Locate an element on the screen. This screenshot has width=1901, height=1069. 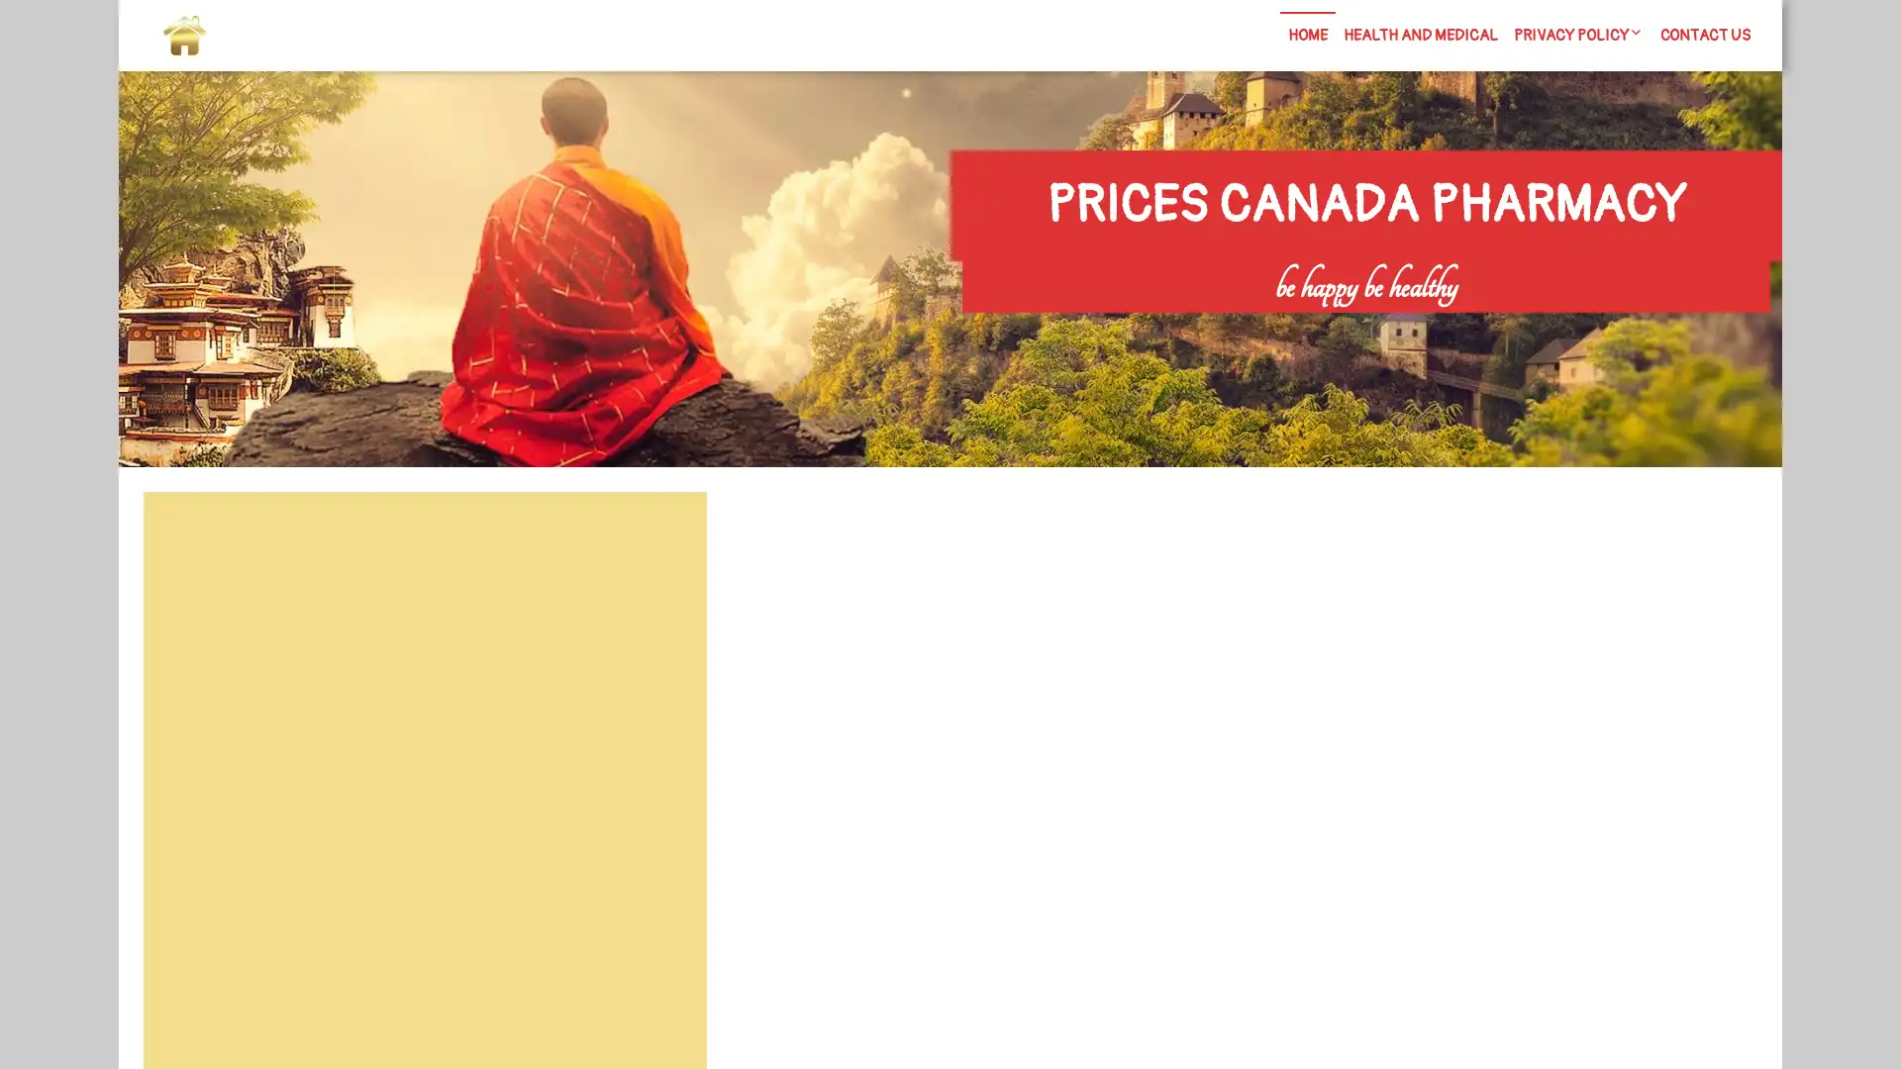
Search is located at coordinates (1542, 324).